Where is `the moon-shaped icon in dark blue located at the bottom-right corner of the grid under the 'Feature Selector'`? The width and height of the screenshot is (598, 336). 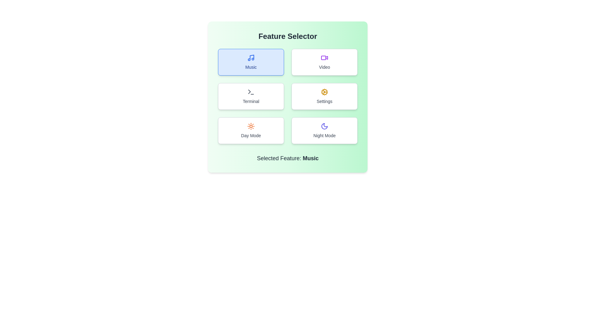 the moon-shaped icon in dark blue located at the bottom-right corner of the grid under the 'Feature Selector' is located at coordinates (324, 126).